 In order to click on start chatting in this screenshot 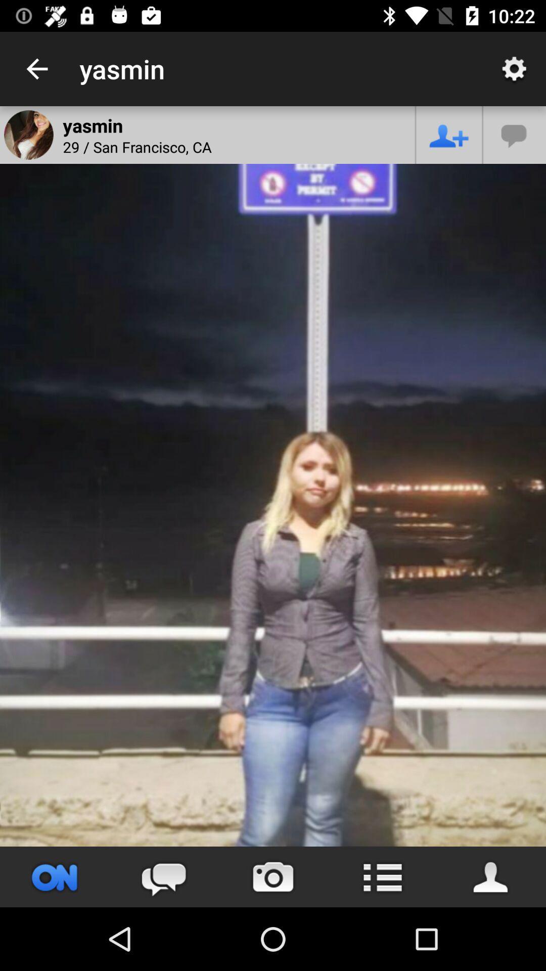, I will do `click(163, 876)`.